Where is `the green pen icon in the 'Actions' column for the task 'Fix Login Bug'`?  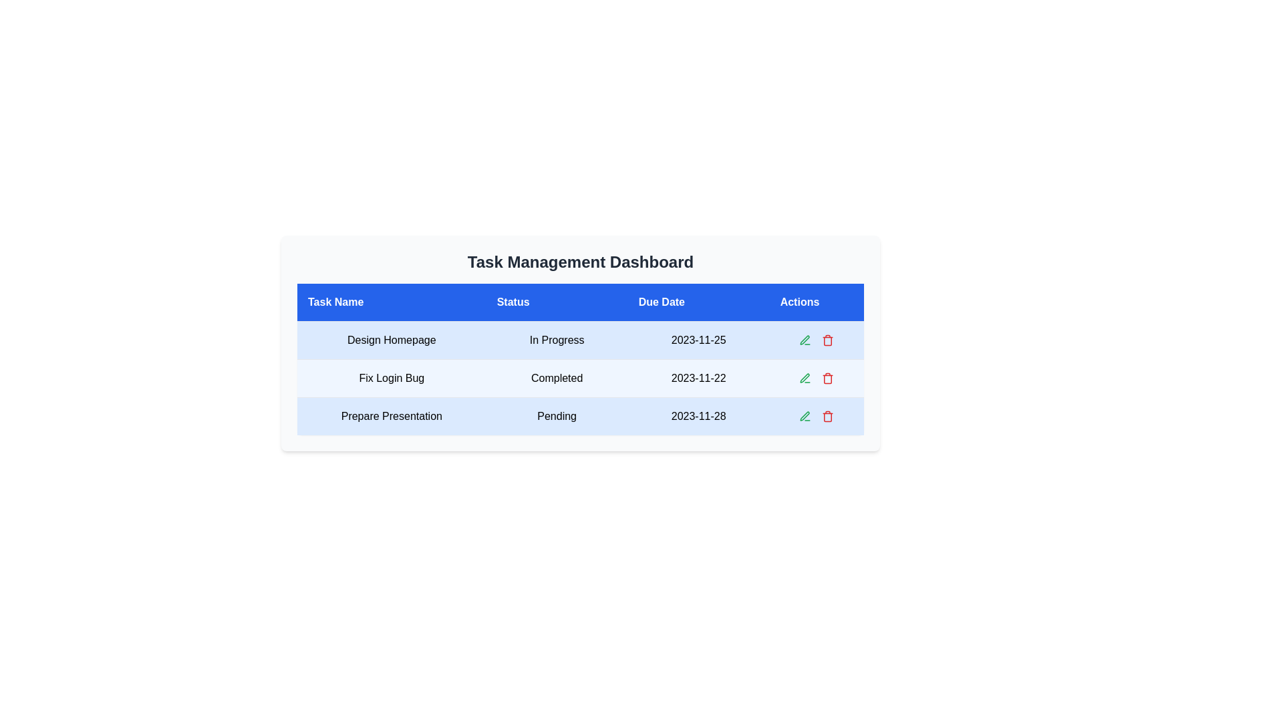
the green pen icon in the 'Actions' column for the task 'Fix Login Bug' is located at coordinates (804, 415).